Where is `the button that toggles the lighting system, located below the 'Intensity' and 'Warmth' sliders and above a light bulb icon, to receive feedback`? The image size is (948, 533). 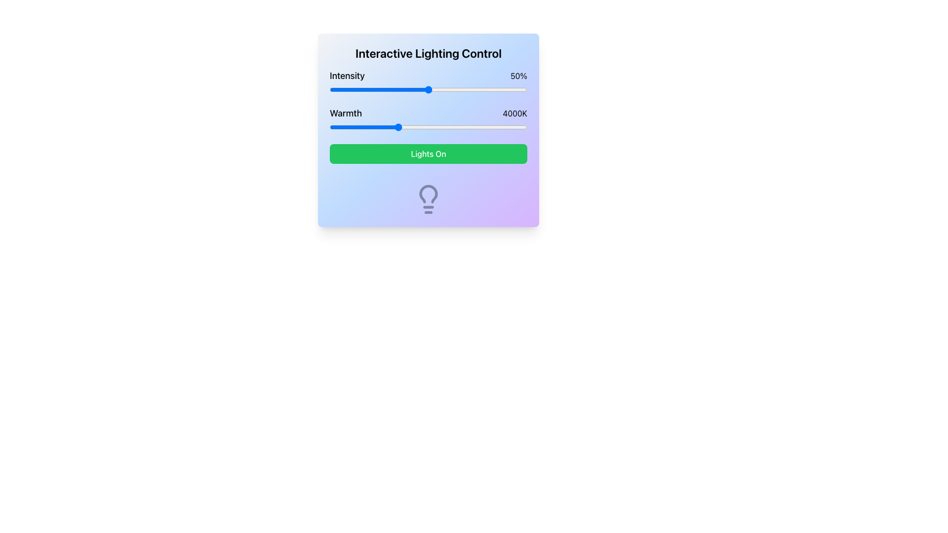 the button that toggles the lighting system, located below the 'Intensity' and 'Warmth' sliders and above a light bulb icon, to receive feedback is located at coordinates (429, 154).